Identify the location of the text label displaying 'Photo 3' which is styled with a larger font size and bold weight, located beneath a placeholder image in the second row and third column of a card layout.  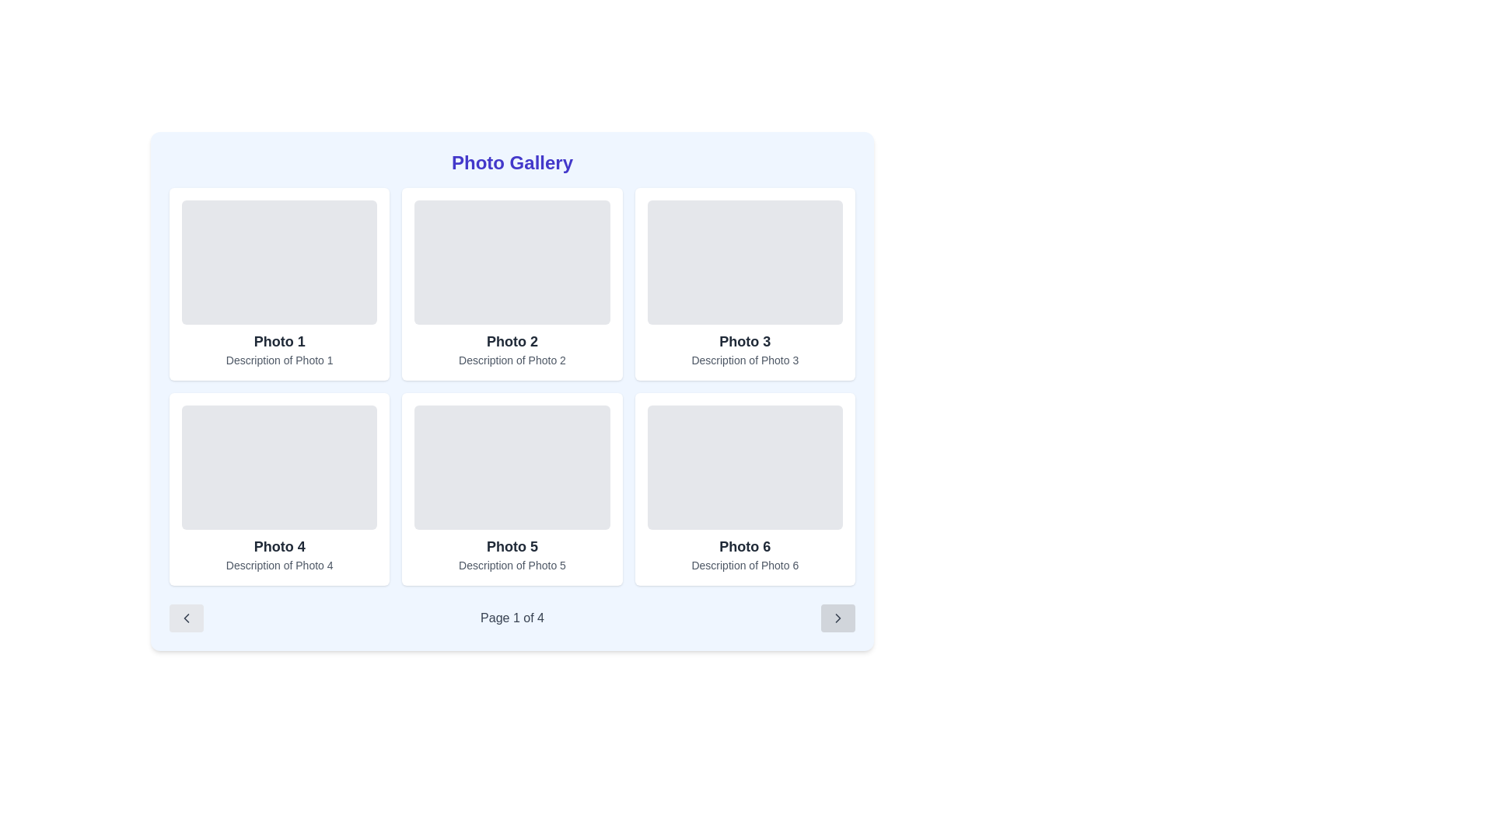
(744, 340).